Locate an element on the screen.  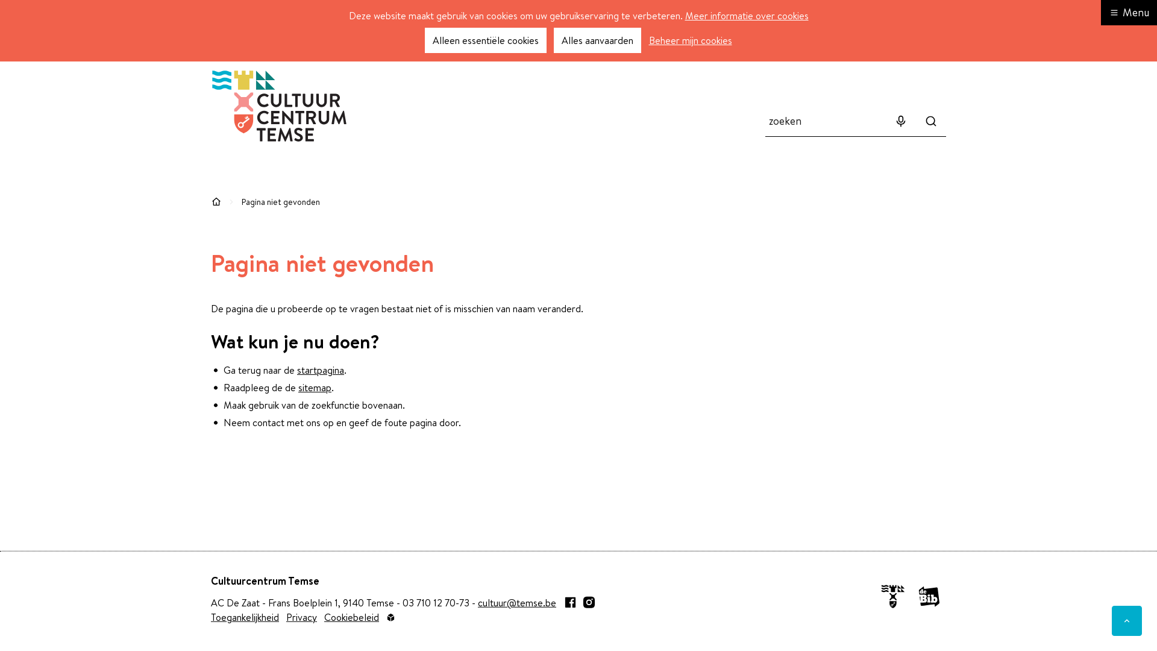
'Privacy' is located at coordinates (301, 617).